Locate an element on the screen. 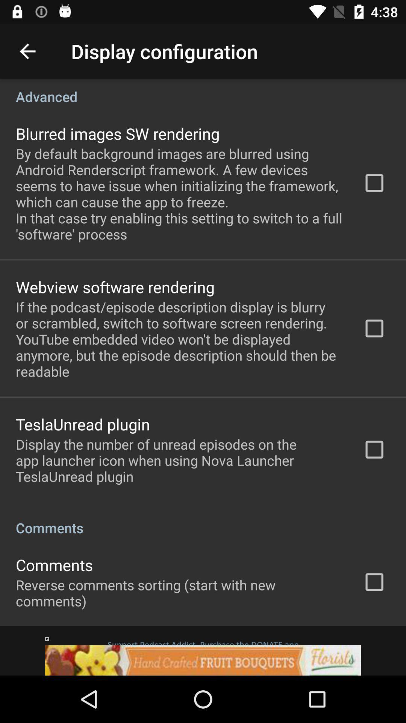 This screenshot has height=723, width=406. click on advertisement is located at coordinates (203, 650).